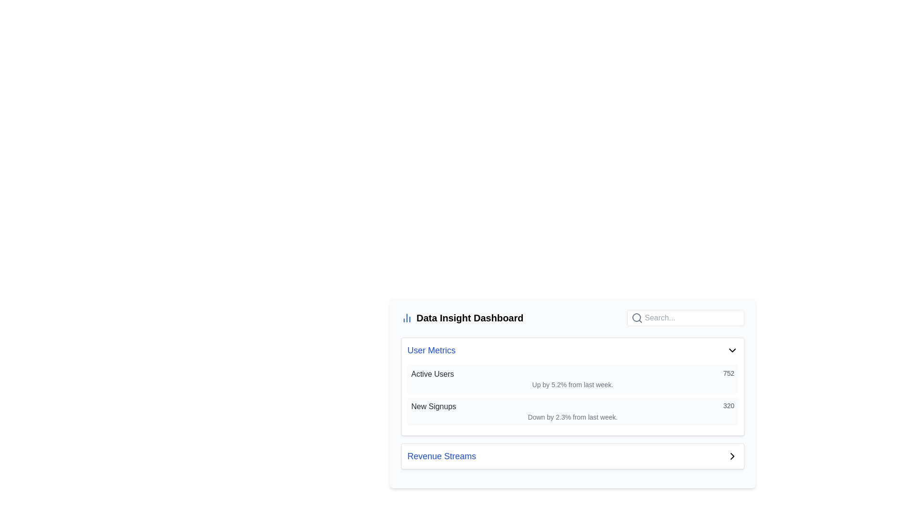  What do you see at coordinates (572, 455) in the screenshot?
I see `the button at the bottom of the metrics section` at bounding box center [572, 455].